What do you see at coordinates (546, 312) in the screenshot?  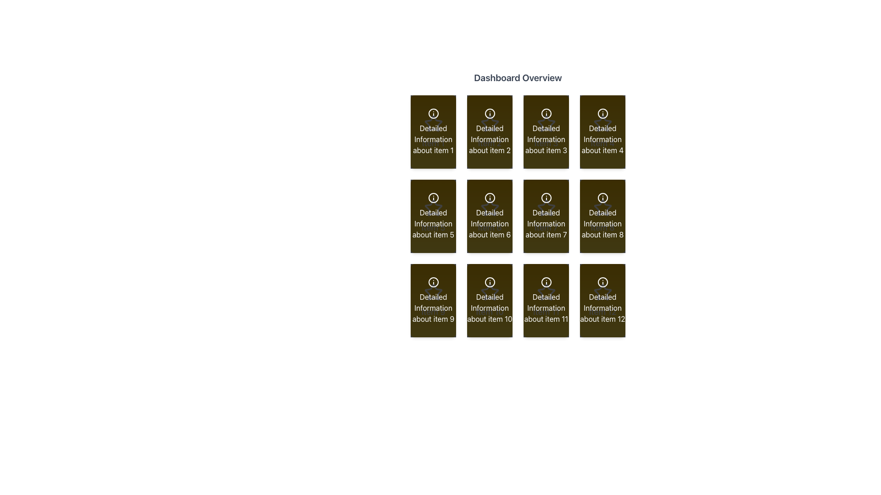 I see `the Text Label that contains the text 'Item 11', which is styled in a medium font size and white color, positioned inside a yellow gradient rectangular card with rounded corners` at bounding box center [546, 312].